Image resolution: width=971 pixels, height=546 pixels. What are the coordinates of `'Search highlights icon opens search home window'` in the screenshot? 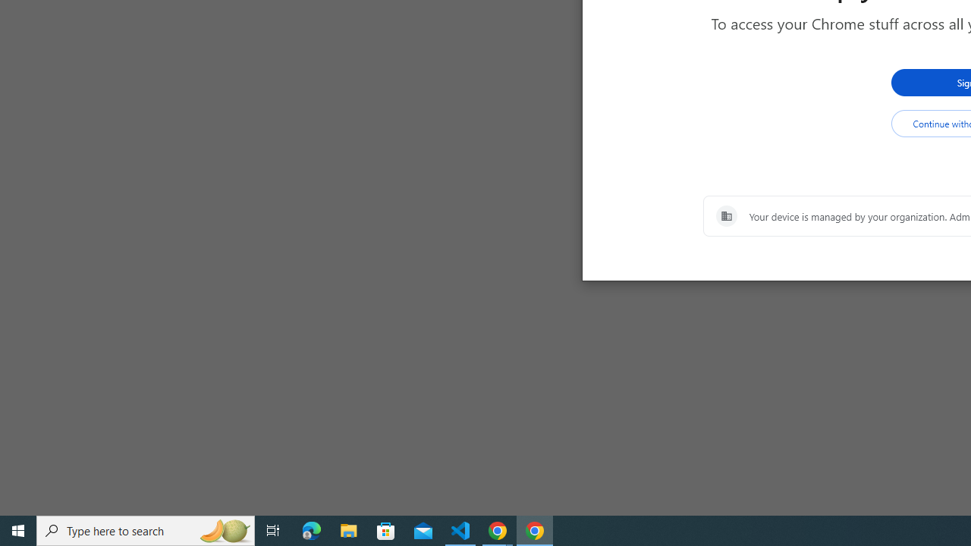 It's located at (223, 529).